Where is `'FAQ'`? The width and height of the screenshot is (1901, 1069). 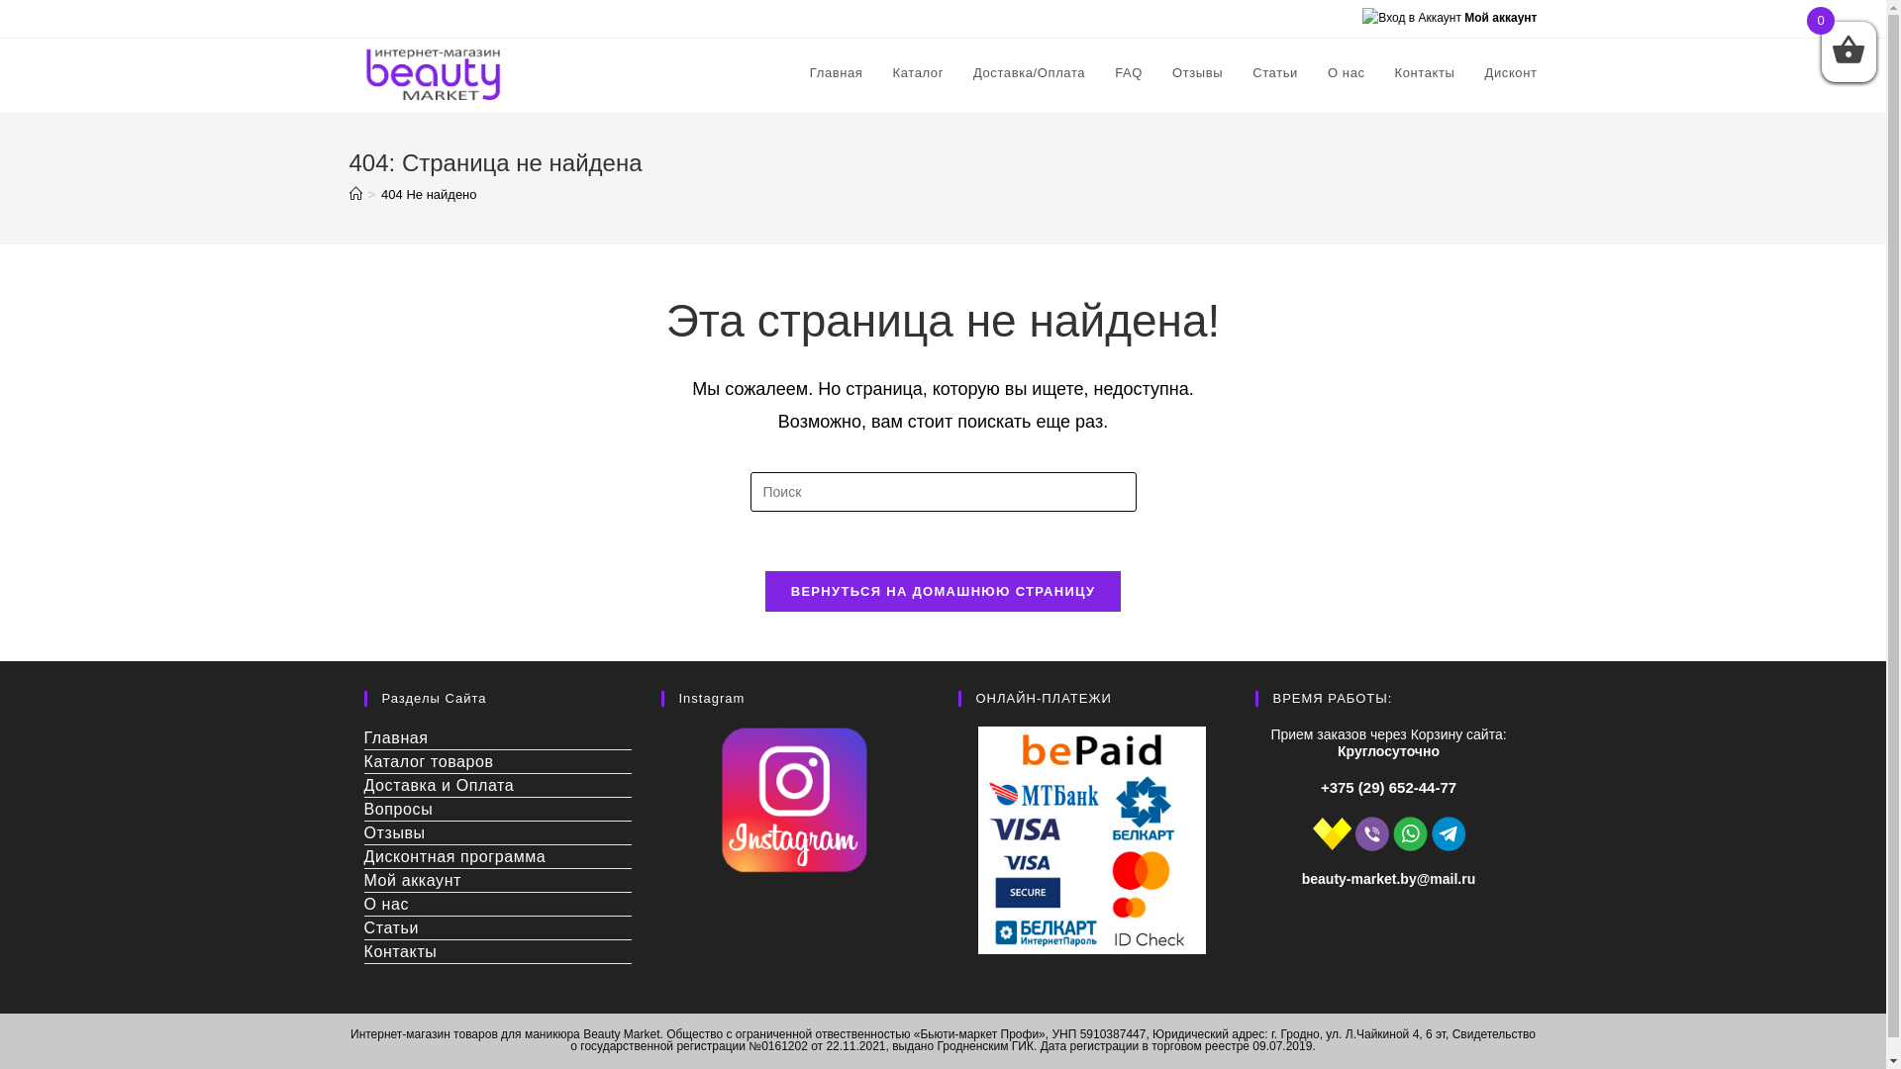
'FAQ' is located at coordinates (1098, 71).